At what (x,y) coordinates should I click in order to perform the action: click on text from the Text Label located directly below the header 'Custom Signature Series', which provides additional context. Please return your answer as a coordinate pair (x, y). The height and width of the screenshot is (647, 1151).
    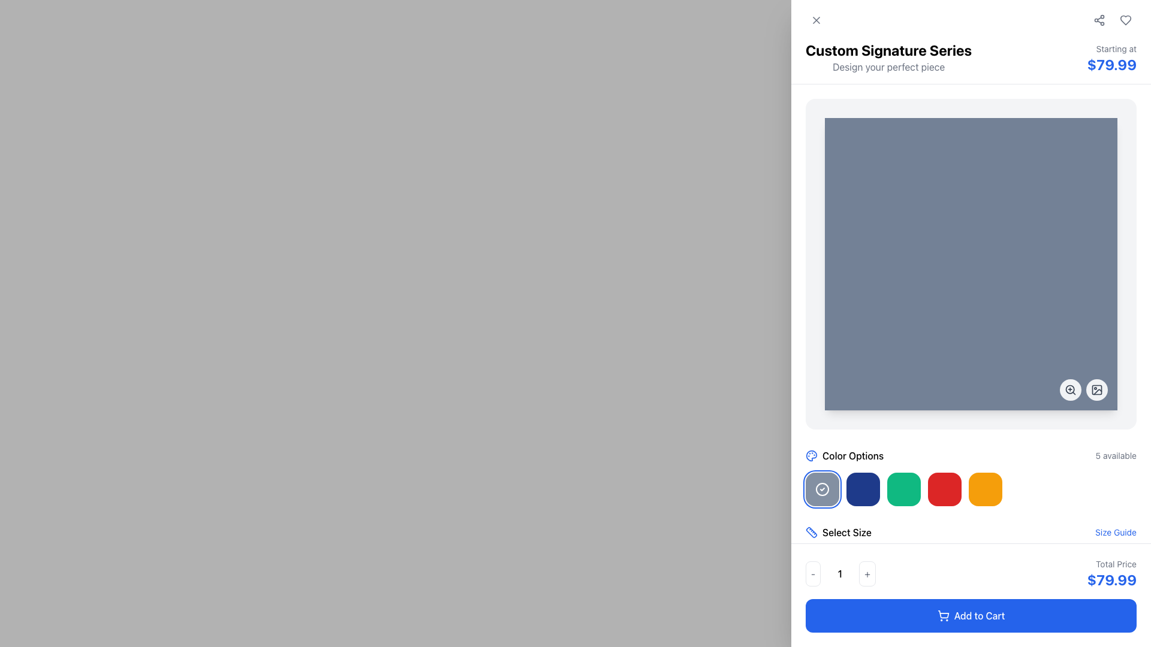
    Looking at the image, I should click on (888, 66).